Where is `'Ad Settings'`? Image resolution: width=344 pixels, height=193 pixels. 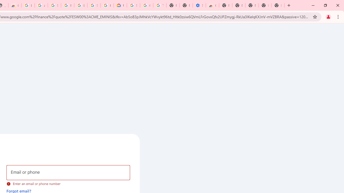 'Ad Settings' is located at coordinates (41, 5).